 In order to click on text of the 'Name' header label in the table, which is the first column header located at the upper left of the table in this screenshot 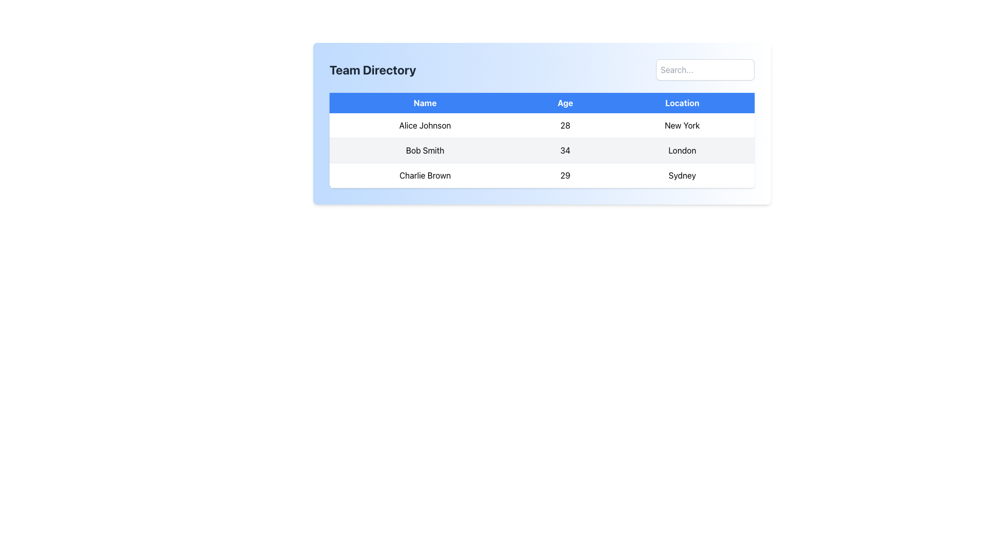, I will do `click(425, 103)`.